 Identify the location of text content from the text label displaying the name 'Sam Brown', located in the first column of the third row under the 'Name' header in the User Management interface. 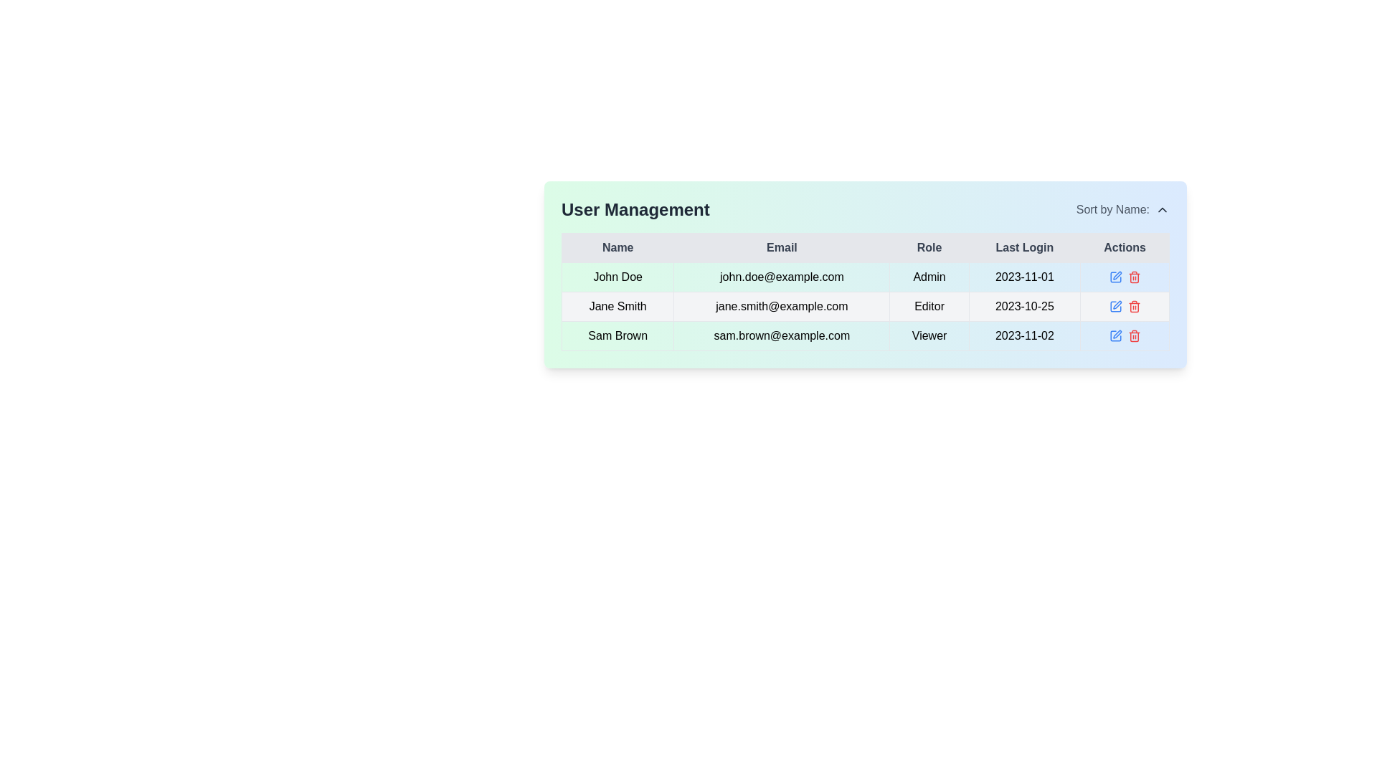
(617, 336).